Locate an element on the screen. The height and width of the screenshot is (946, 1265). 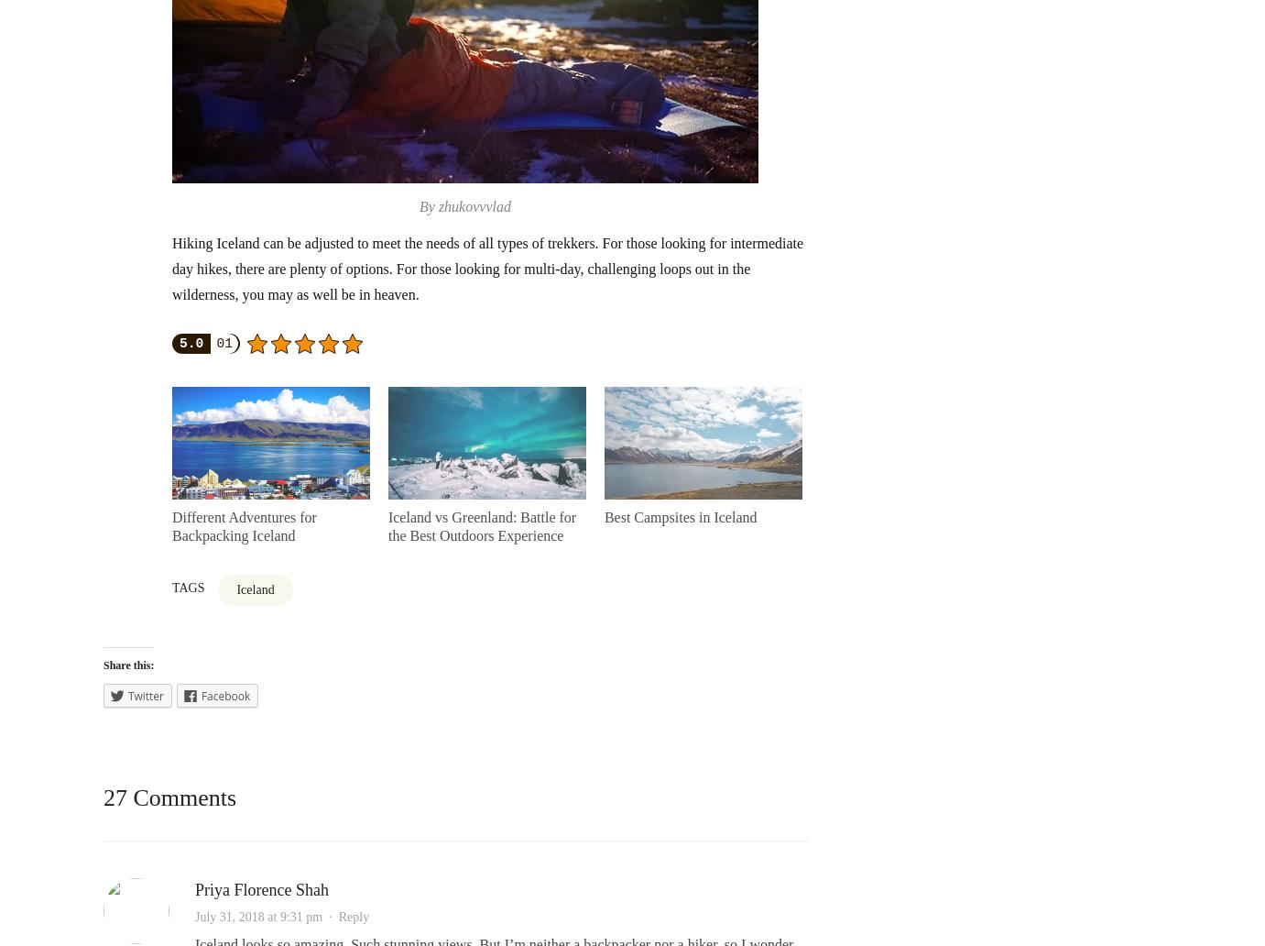
'Iceland' is located at coordinates (255, 589).